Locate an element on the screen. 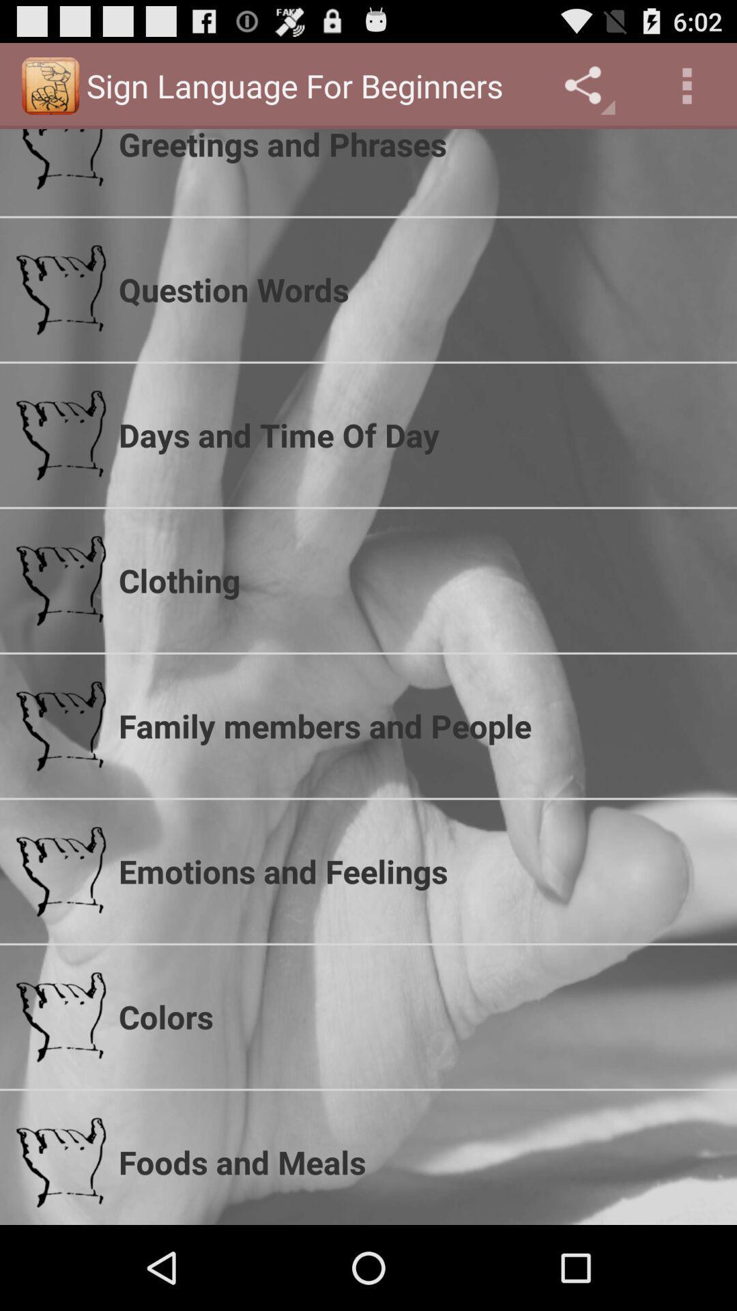 This screenshot has width=737, height=1311. app above emotions and feelings is located at coordinates (418, 725).